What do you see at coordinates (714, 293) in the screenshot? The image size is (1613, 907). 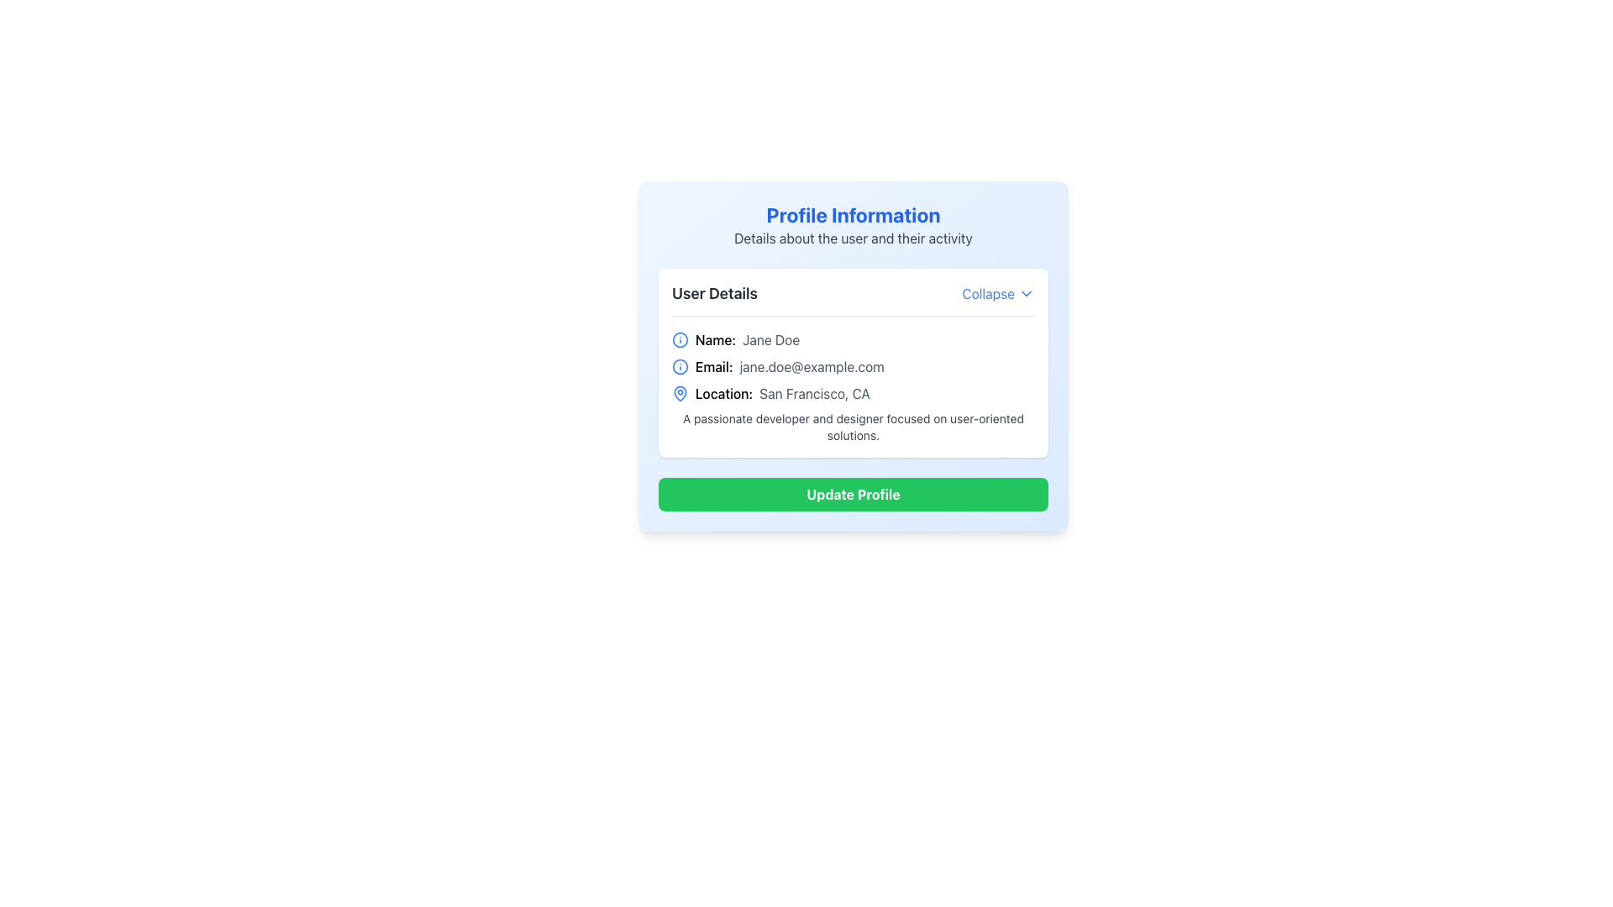 I see `the text label located at the top-left corner of the header section of the card, which provides context to the user-related information below it` at bounding box center [714, 293].